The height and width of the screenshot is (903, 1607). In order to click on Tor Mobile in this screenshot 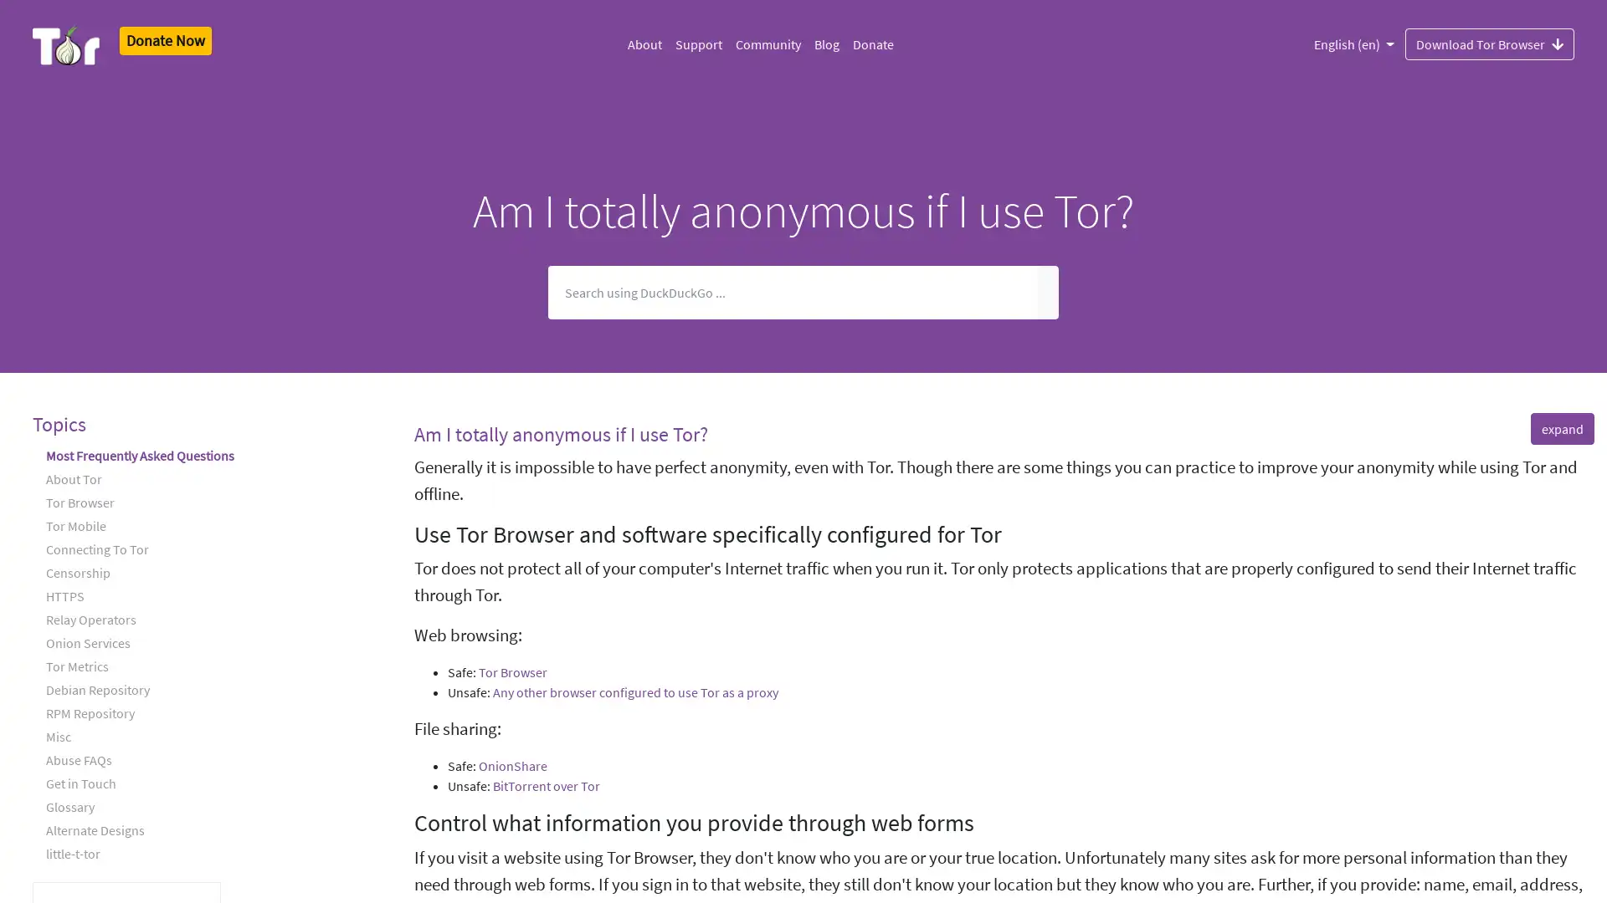, I will do `click(207, 524)`.